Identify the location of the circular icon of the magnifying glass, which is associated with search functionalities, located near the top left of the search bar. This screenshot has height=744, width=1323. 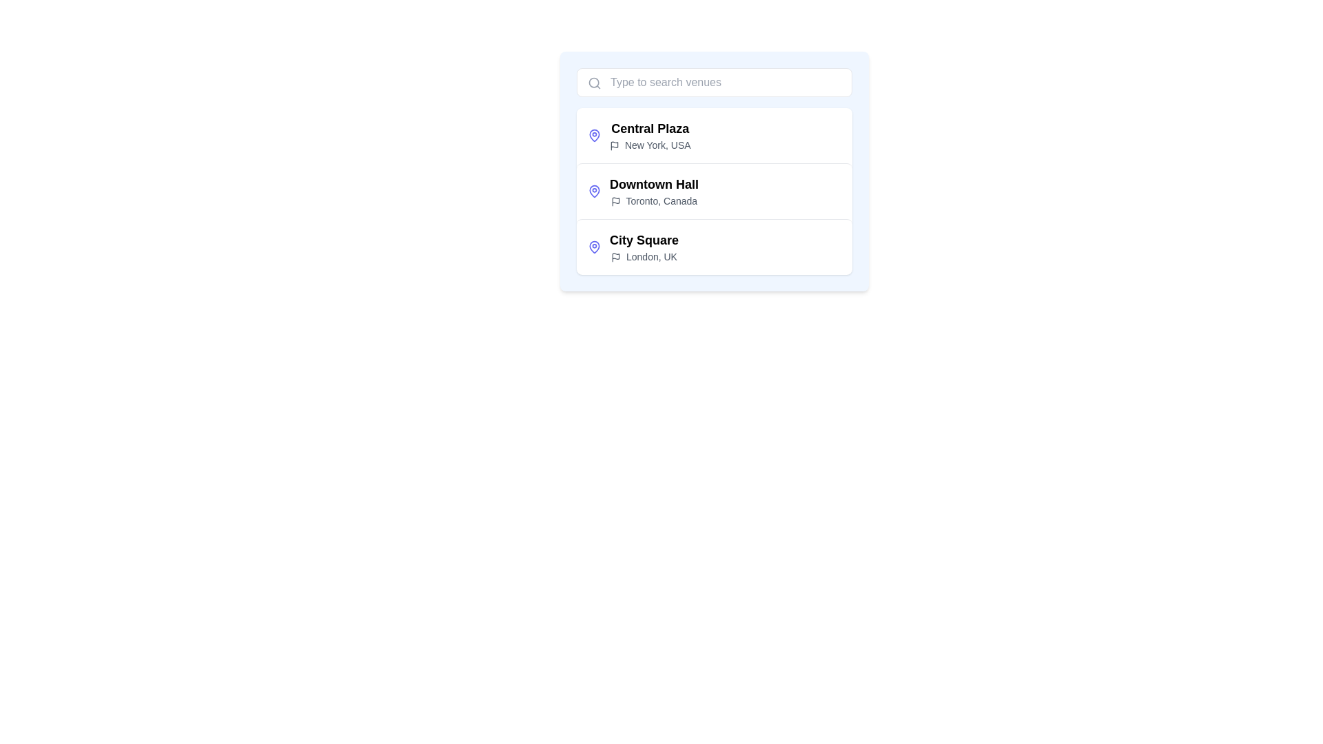
(594, 83).